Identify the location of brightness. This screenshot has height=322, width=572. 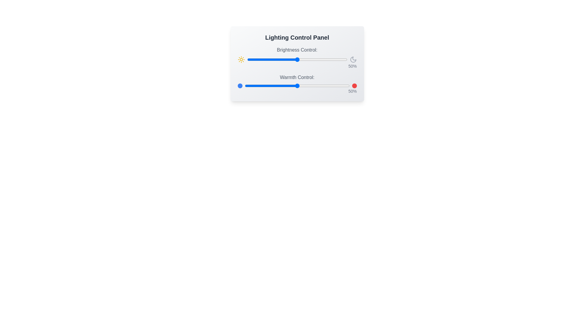
(344, 60).